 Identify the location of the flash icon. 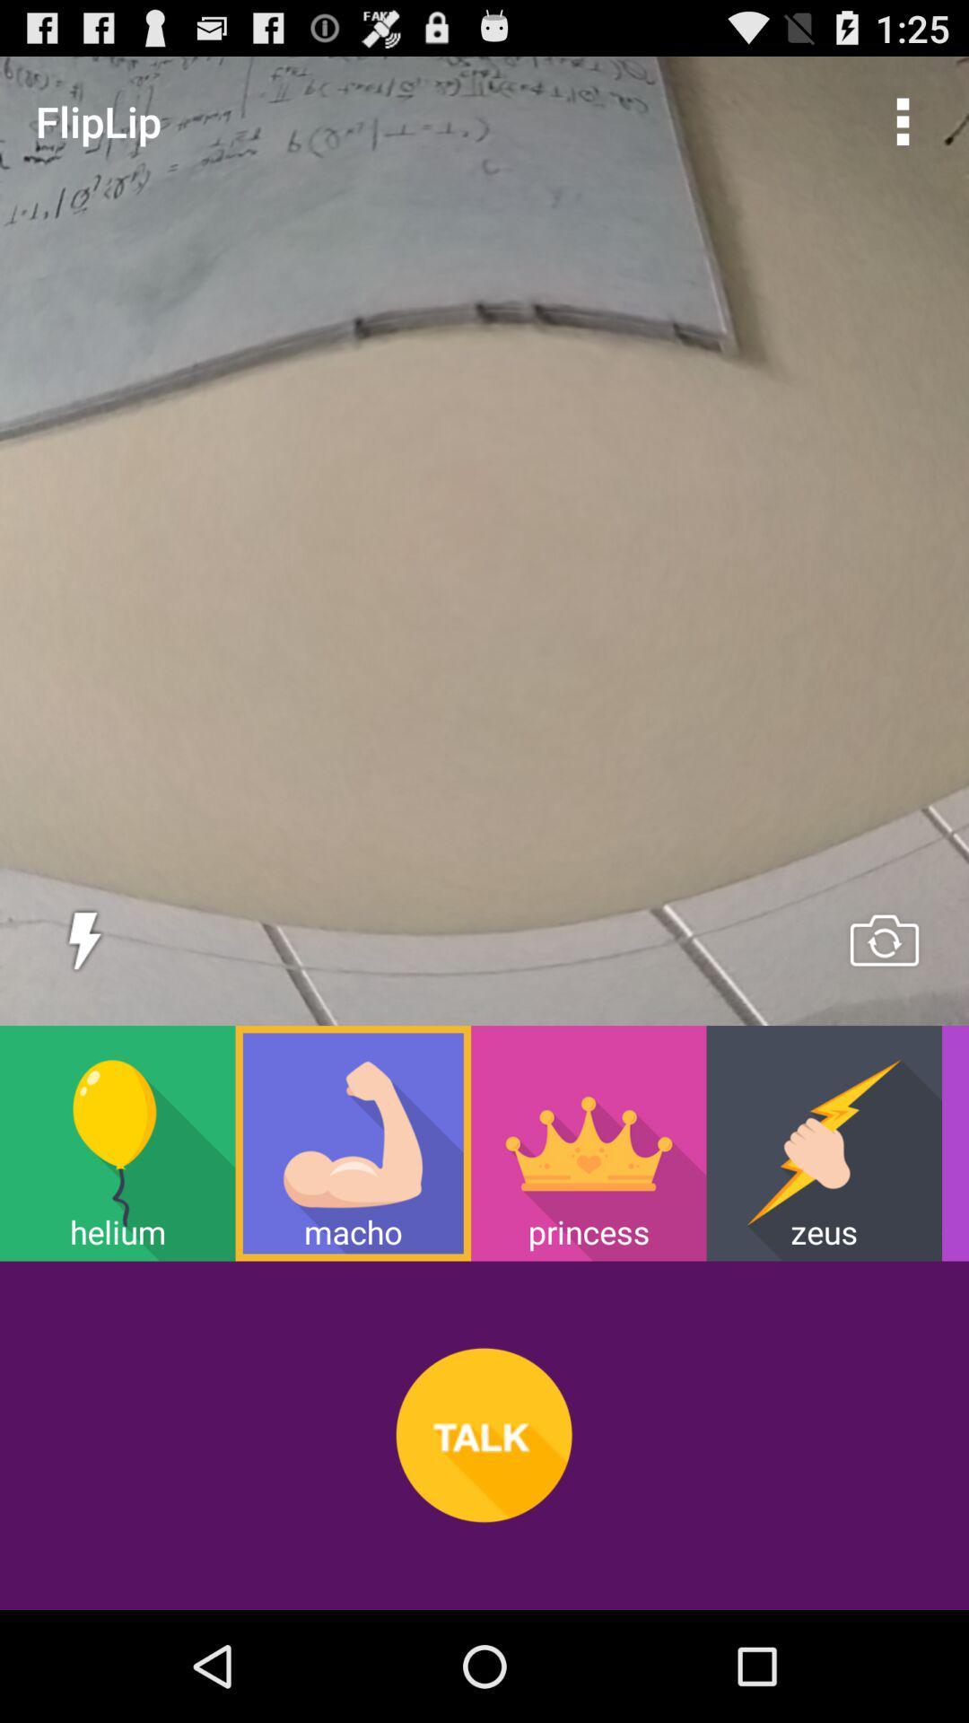
(84, 1007).